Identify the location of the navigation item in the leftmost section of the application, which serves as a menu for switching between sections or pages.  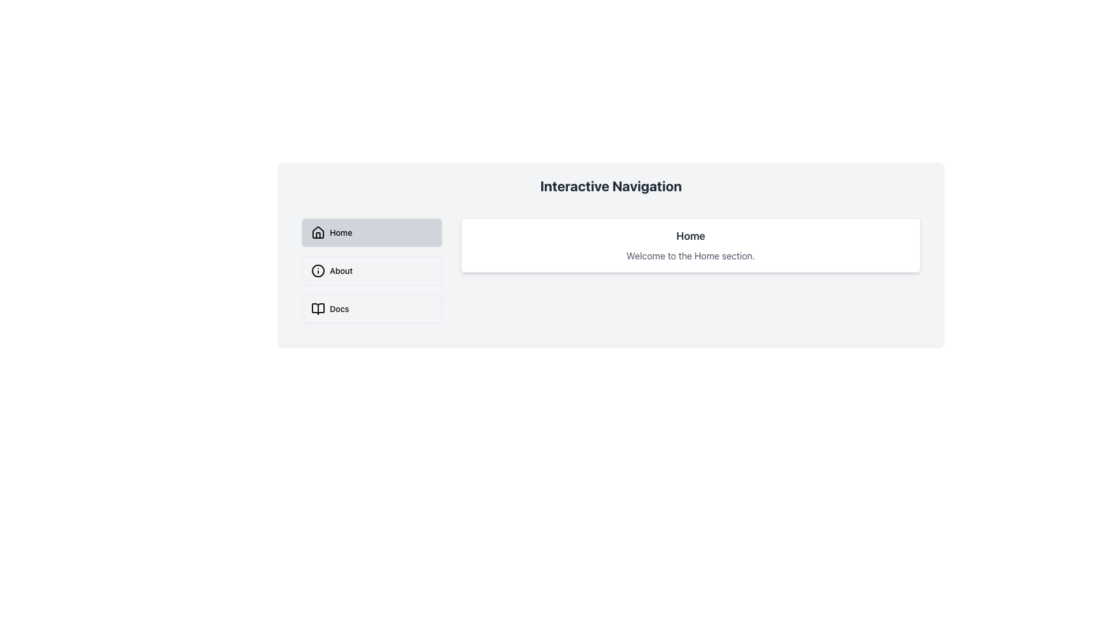
(371, 271).